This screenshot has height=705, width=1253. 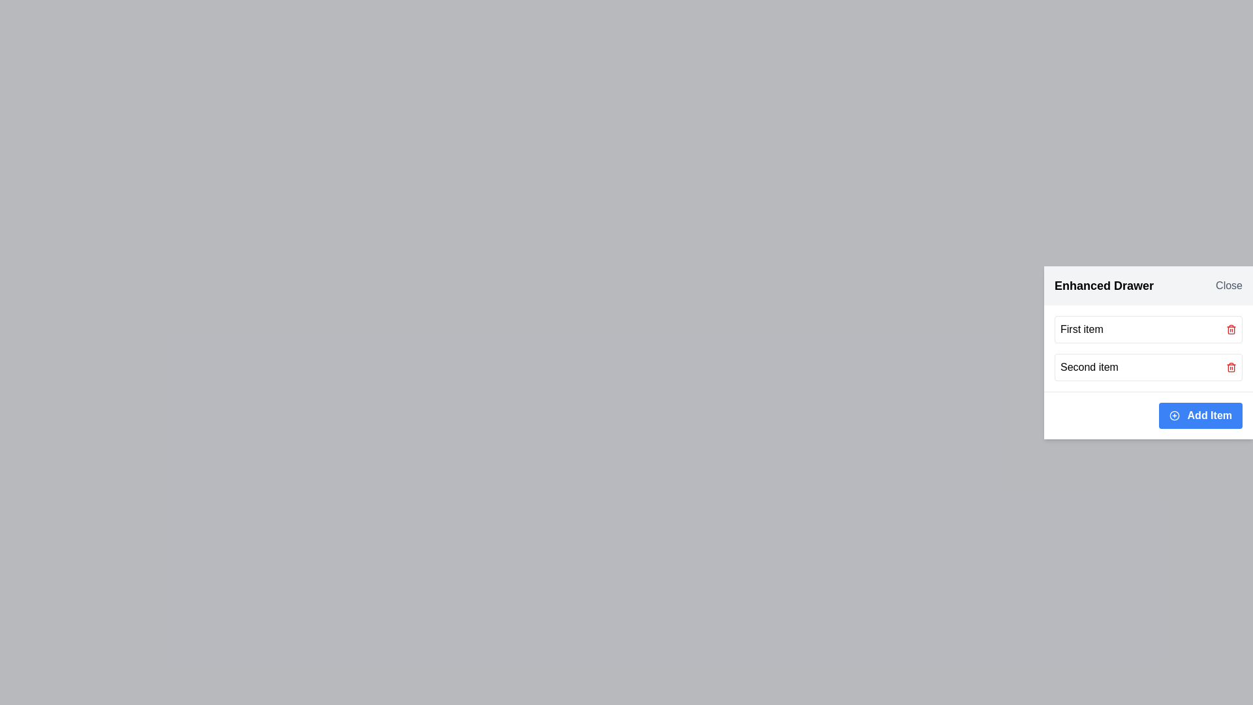 I want to click on the red trash icon button located to the right of the 'First item' text, so click(x=1230, y=328).